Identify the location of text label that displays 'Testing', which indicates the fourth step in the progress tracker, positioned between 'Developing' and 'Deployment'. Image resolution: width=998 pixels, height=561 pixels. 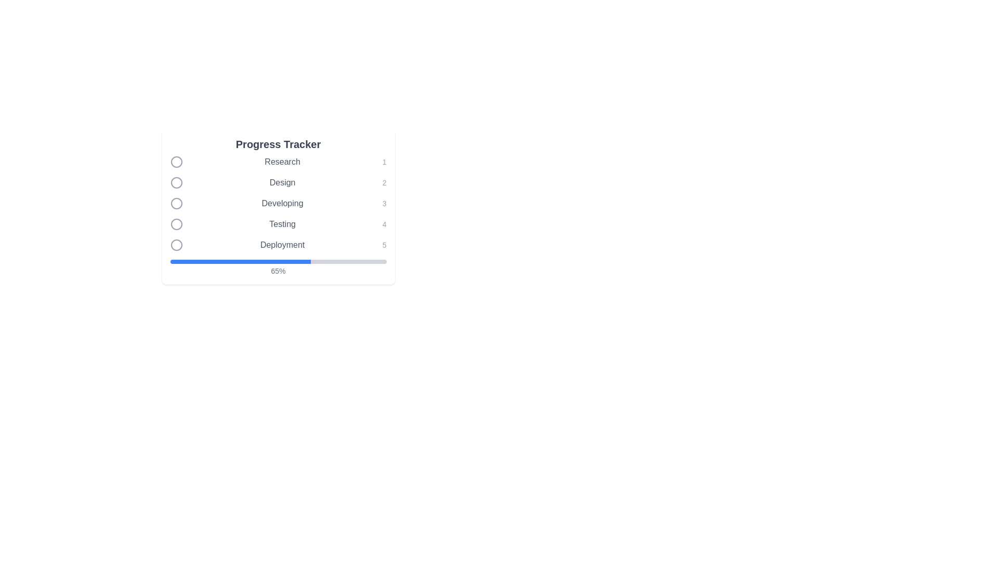
(282, 224).